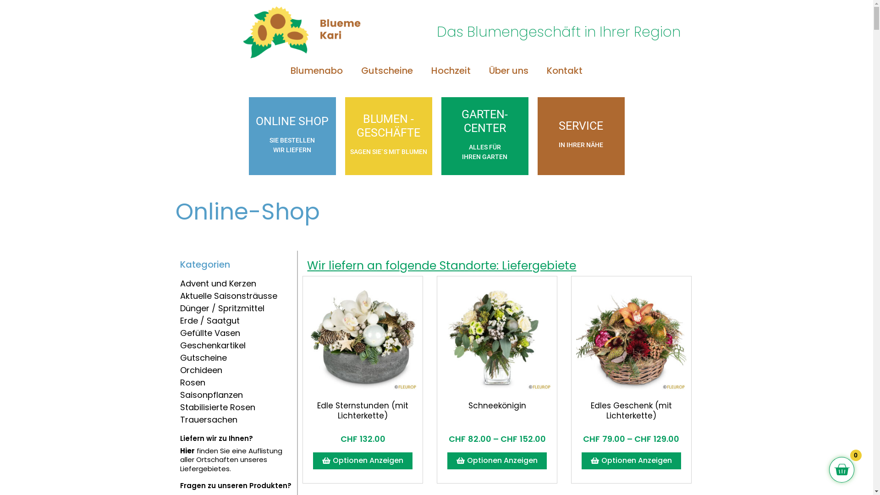  Describe the element at coordinates (307, 265) in the screenshot. I see `'Wir liefern an folgende Standorte: Liefergebiete'` at that location.